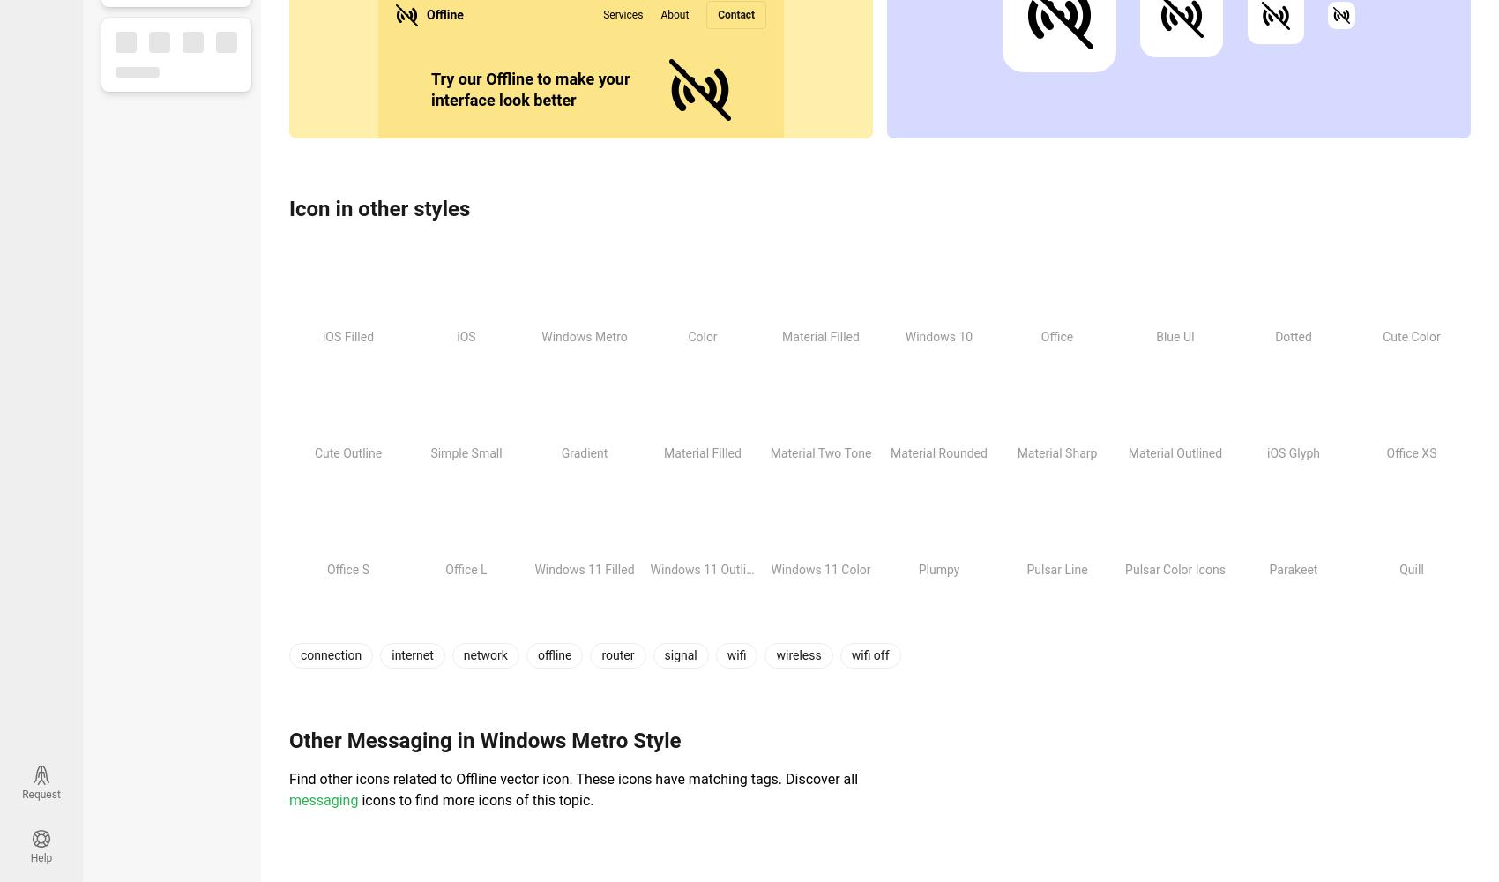 The width and height of the screenshot is (1499, 882). Describe the element at coordinates (1410, 570) in the screenshot. I see `'Quill'` at that location.